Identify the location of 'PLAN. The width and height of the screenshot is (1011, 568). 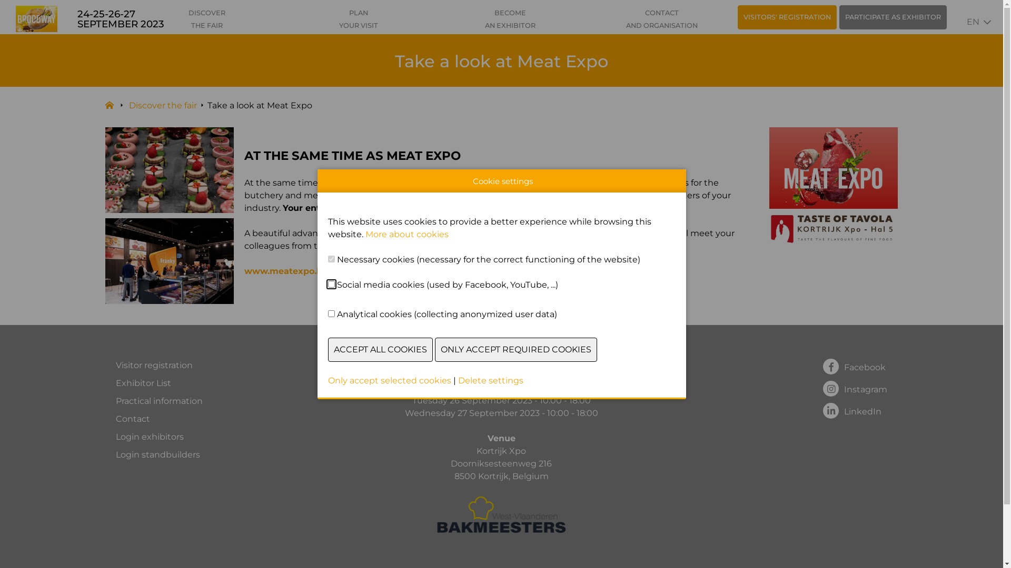
(359, 19).